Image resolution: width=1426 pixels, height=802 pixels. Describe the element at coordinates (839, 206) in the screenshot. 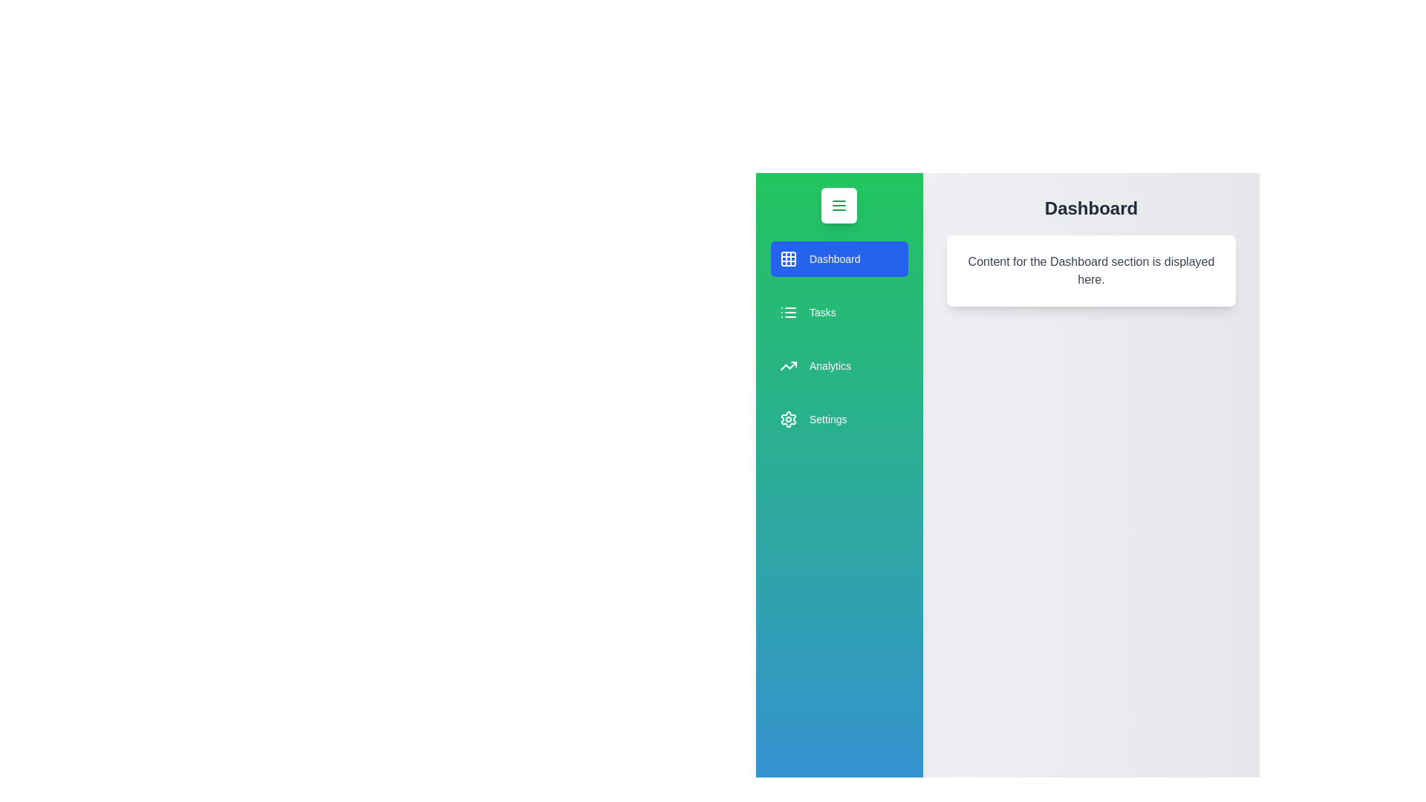

I see `the menu button to toggle the drawer state` at that location.